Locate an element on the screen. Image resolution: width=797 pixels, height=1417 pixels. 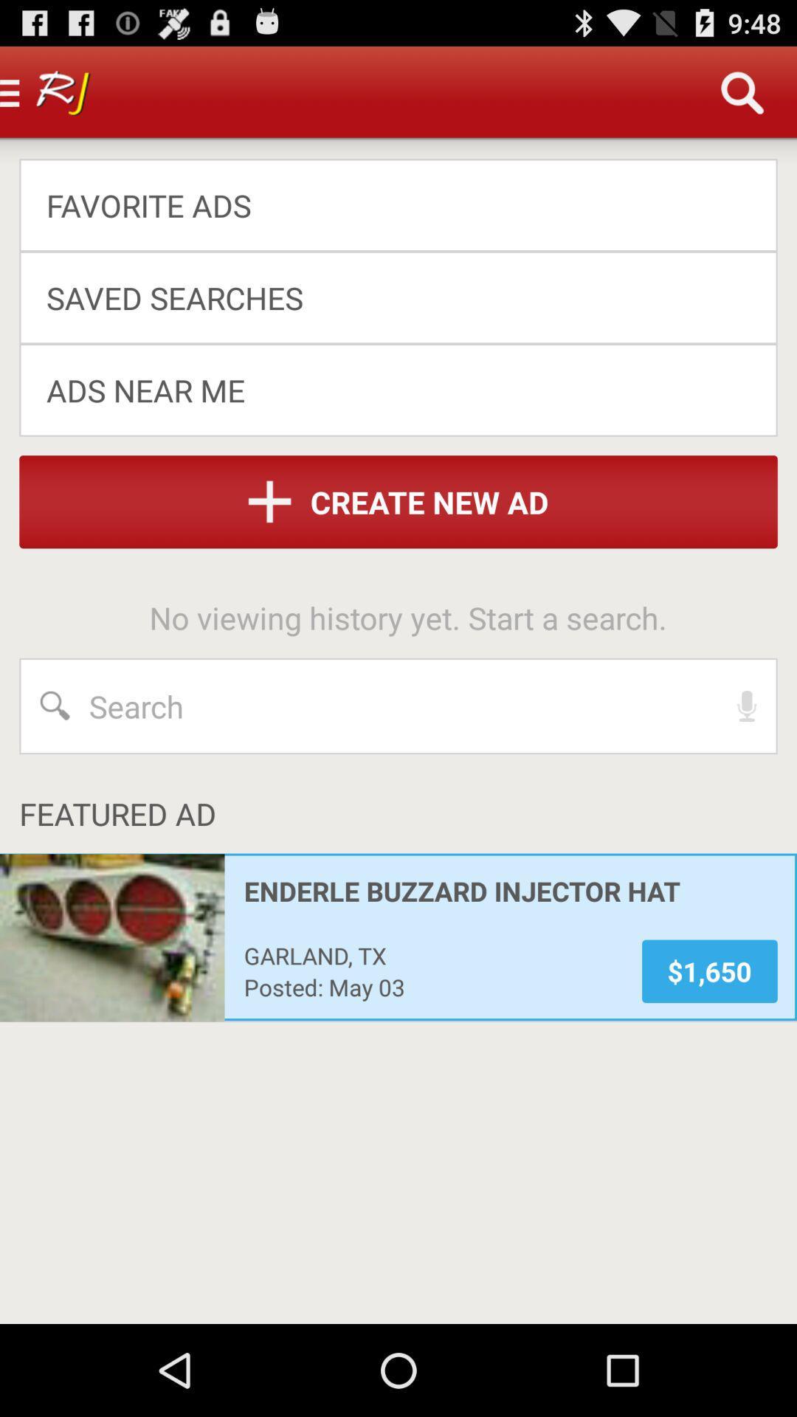
search field is located at coordinates (398, 705).